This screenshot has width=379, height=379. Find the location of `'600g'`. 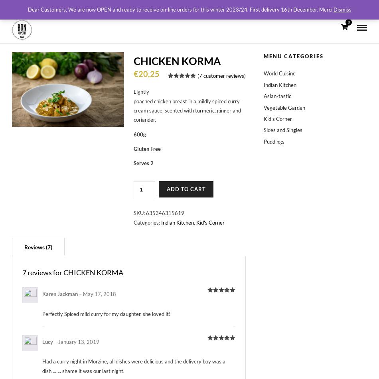

'600g' is located at coordinates (139, 134).